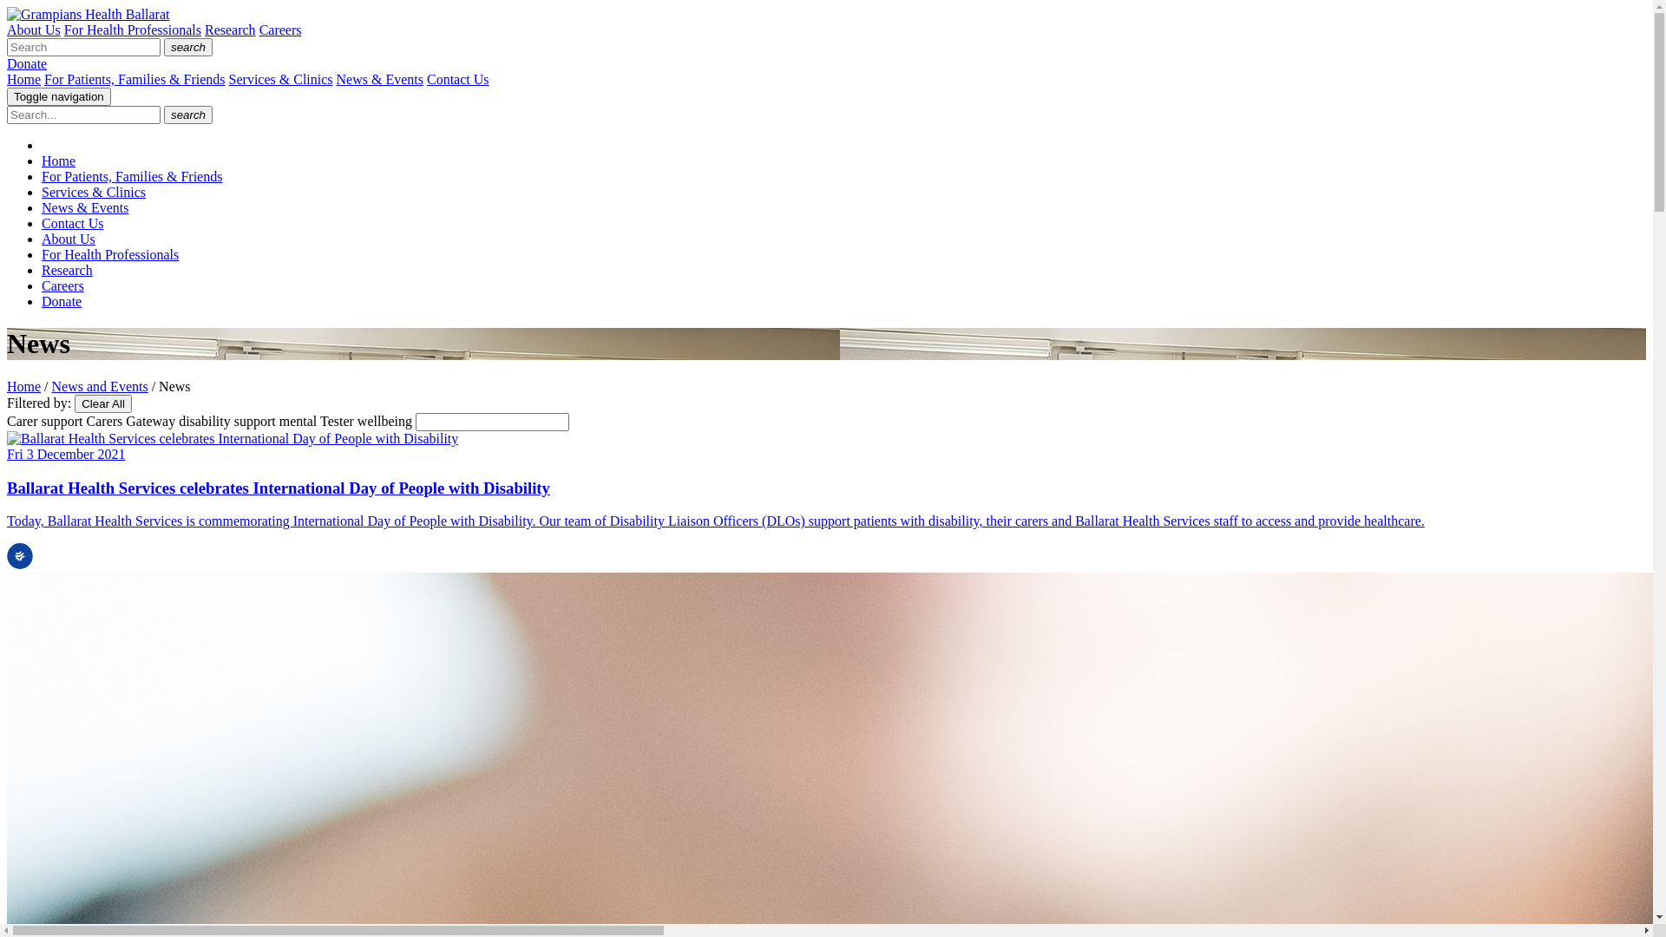  I want to click on 'Services & Clinics', so click(92, 192).